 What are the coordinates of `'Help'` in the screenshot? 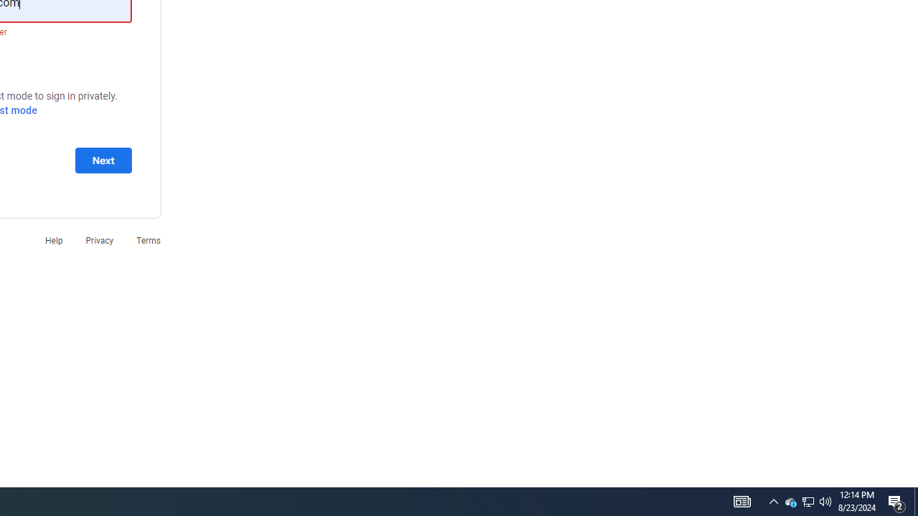 It's located at (53, 239).